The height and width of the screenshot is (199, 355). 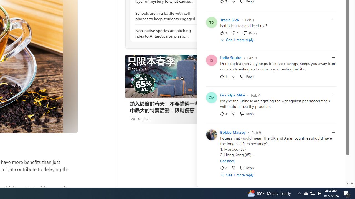 What do you see at coordinates (223, 167) in the screenshot?
I see `'2 Like'` at bounding box center [223, 167].